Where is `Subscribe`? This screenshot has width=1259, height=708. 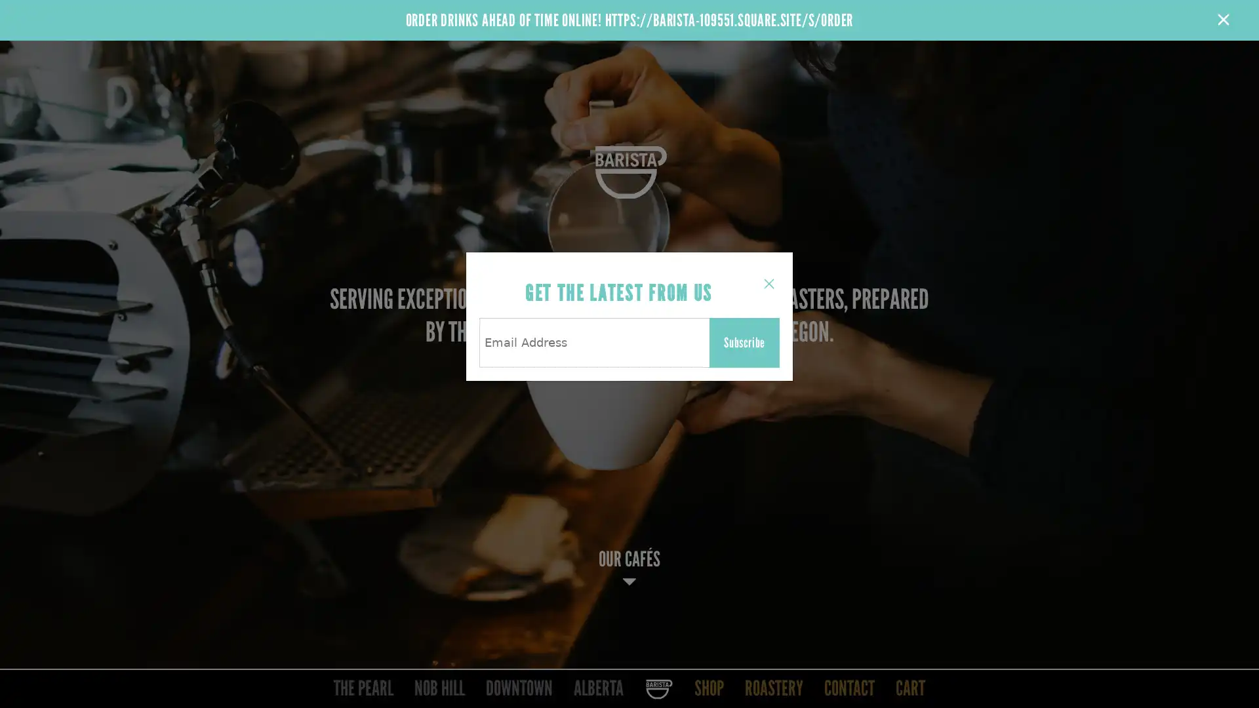
Subscribe is located at coordinates (744, 342).